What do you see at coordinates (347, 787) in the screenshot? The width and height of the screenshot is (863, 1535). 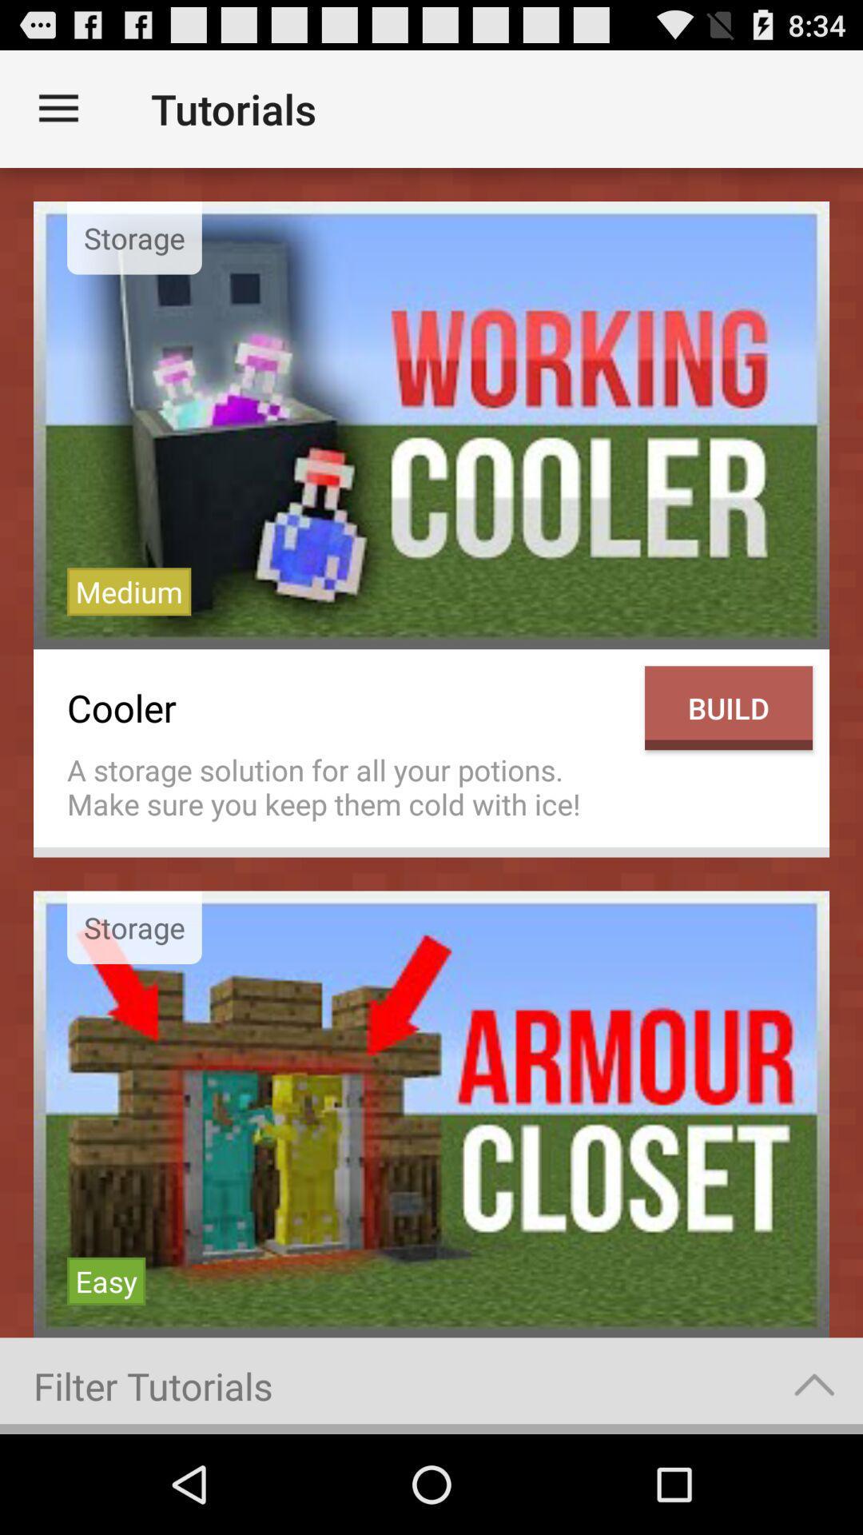 I see `a storage solution` at bounding box center [347, 787].